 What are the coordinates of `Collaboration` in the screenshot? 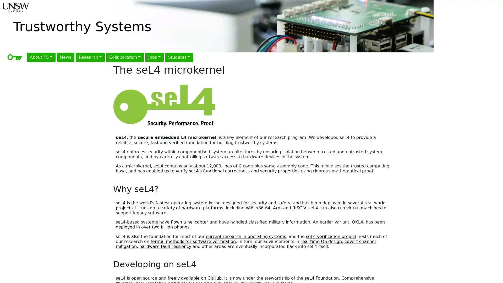 It's located at (124, 57).